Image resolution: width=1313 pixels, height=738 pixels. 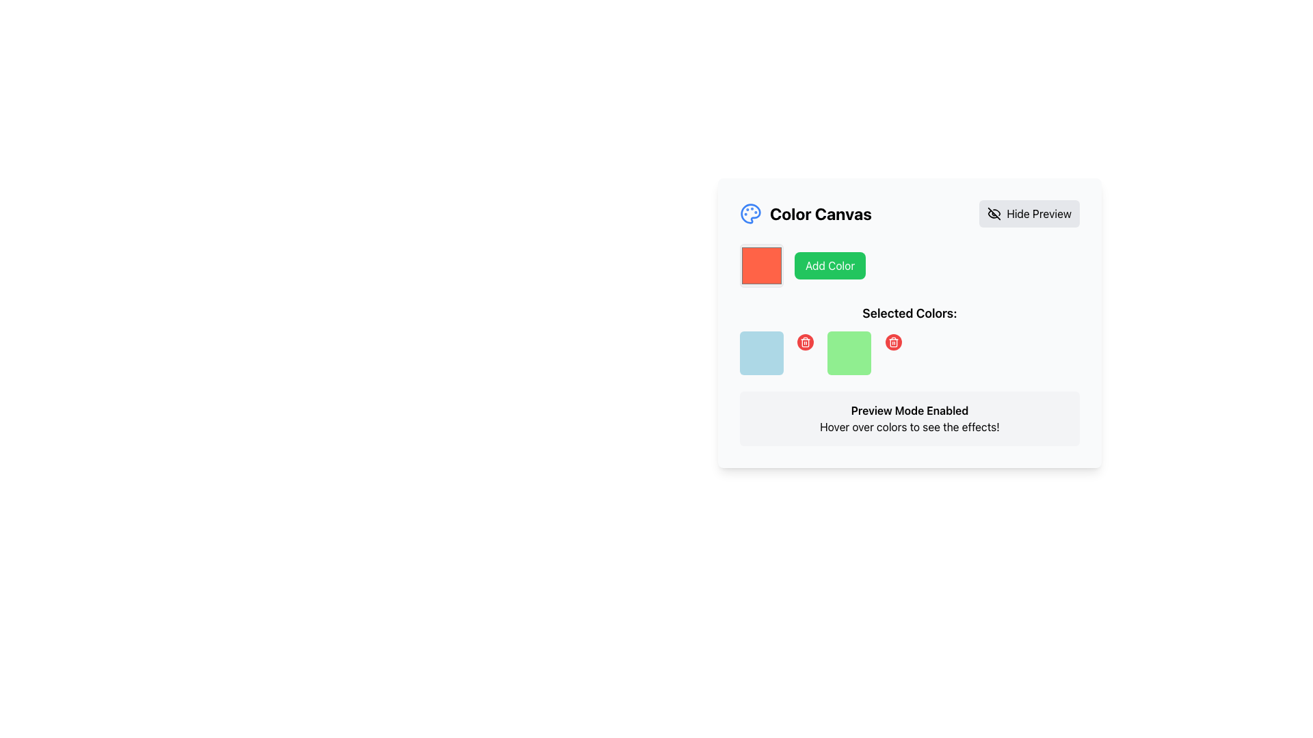 I want to click on the interactive grid element displaying selected color options, specifically targeting the colored squares and their associated trash buttons, so click(x=910, y=352).